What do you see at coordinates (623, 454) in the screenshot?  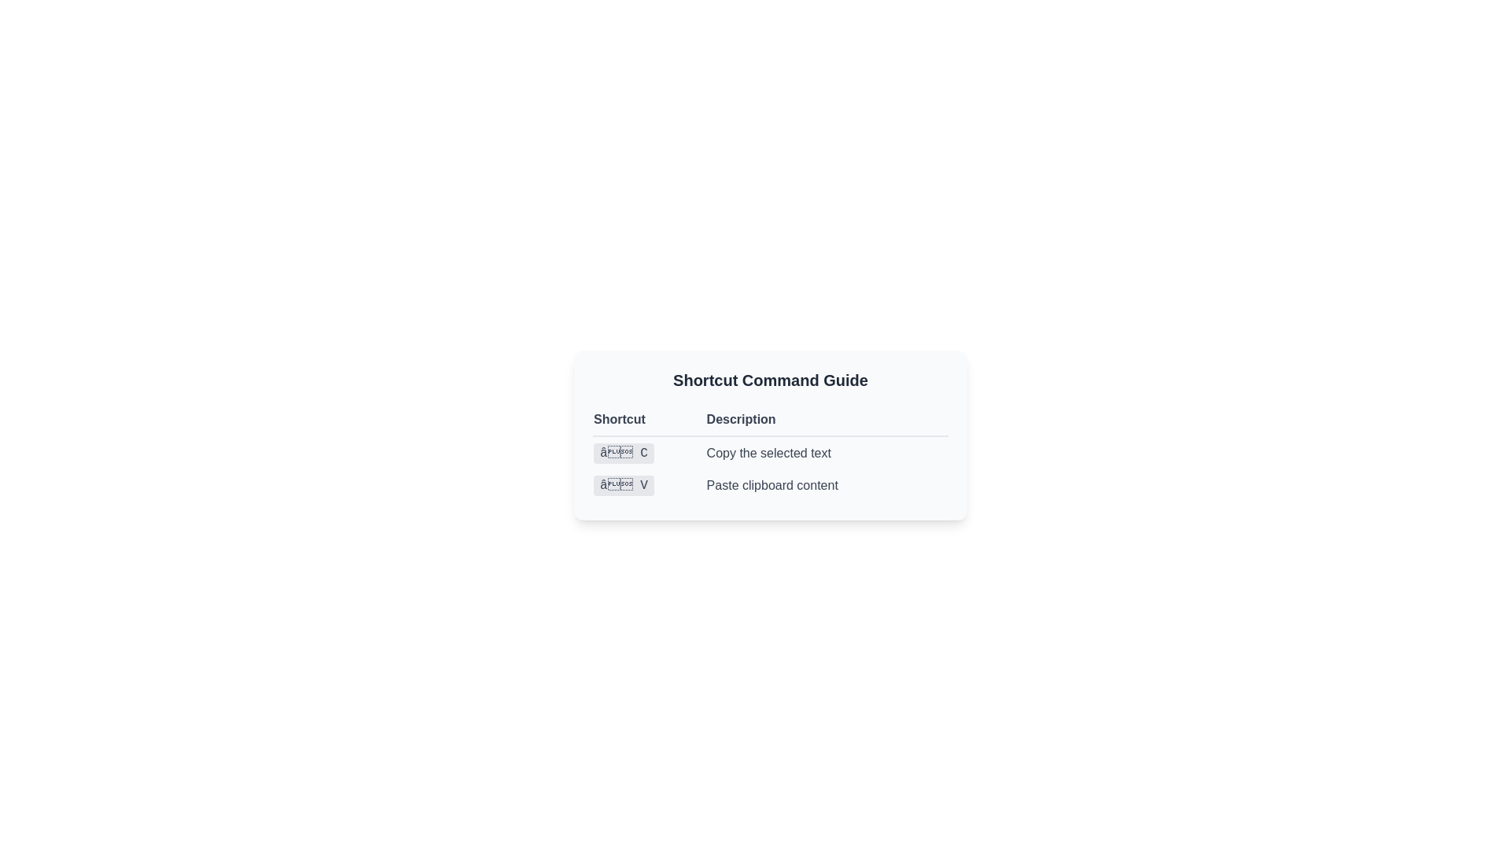 I see `the button-like component displaying the text '⌘ C' with a gray background, which is the first shortcut key in the 'Shortcut Command Guide' section` at bounding box center [623, 454].